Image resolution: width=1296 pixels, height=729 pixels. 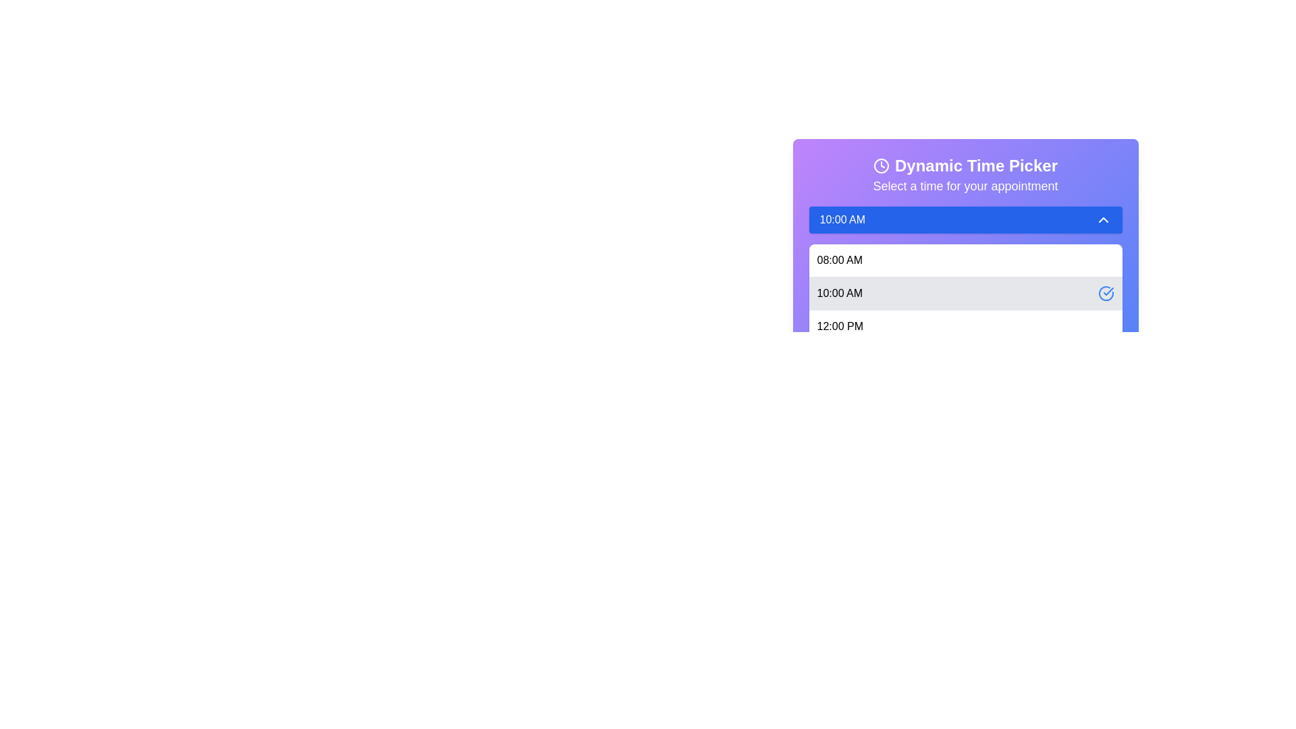 I want to click on the instructional static text label guiding the user to select a time slot for an appointment, located below the 'Dynamic Time Picker' header, so click(x=965, y=186).